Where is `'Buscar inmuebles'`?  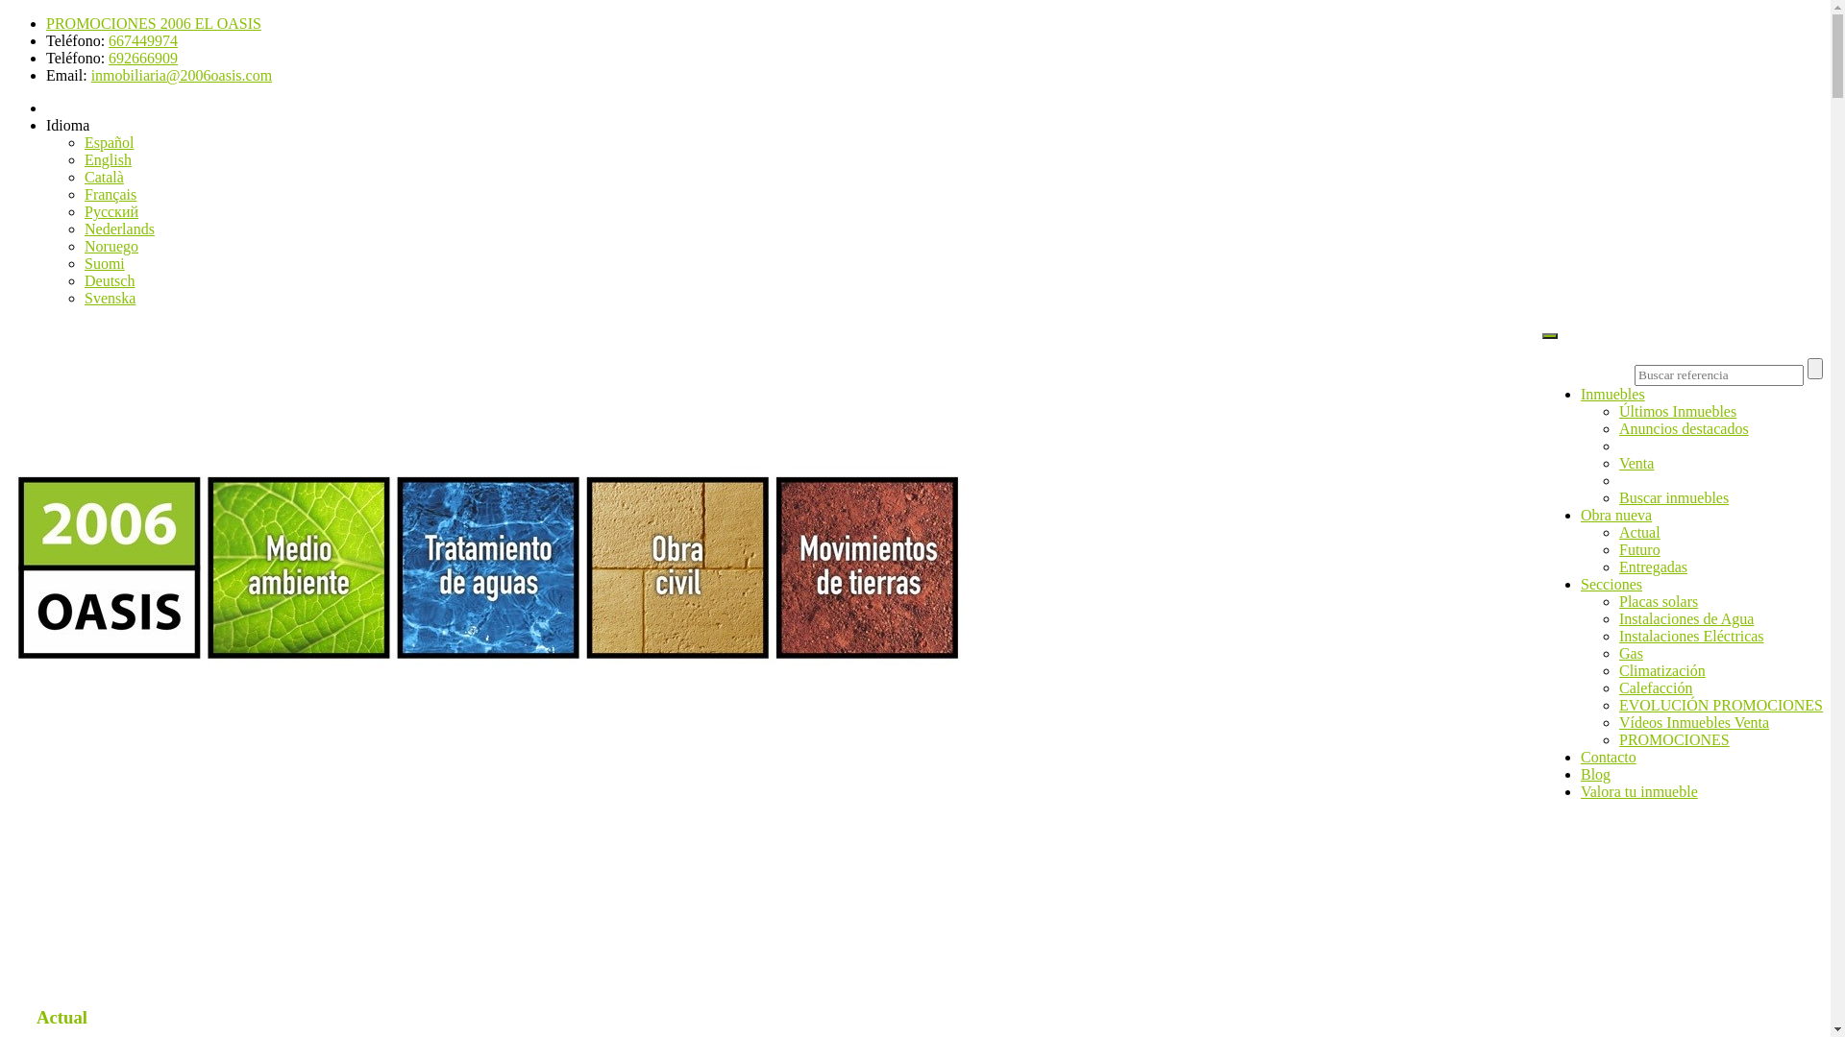 'Buscar inmuebles' is located at coordinates (1617, 496).